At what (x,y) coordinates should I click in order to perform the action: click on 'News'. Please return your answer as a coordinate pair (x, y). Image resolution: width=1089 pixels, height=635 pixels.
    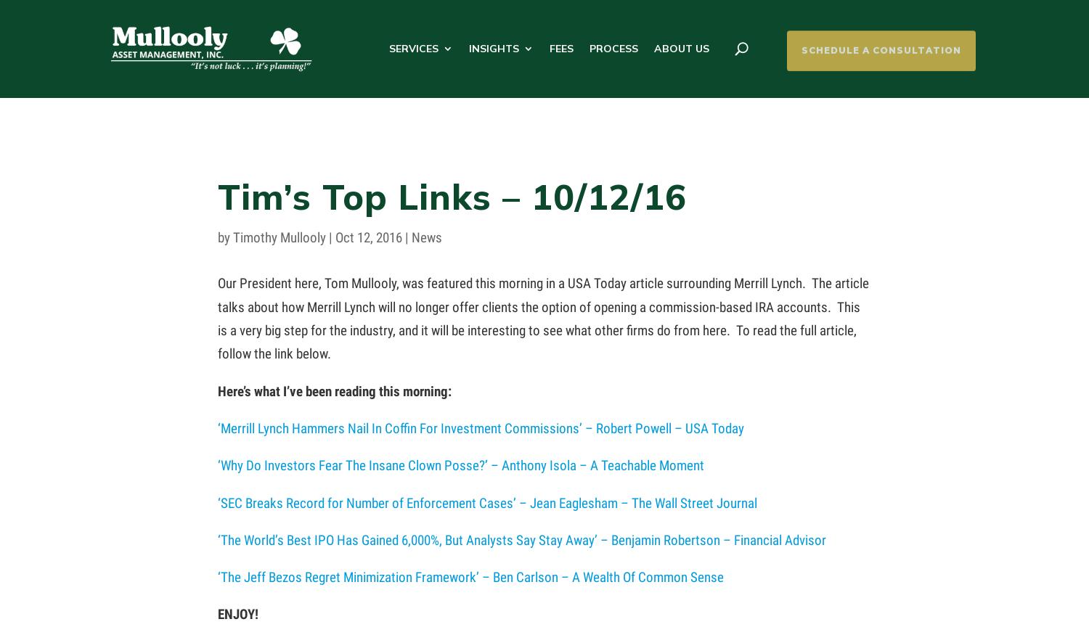
    Looking at the image, I should click on (411, 237).